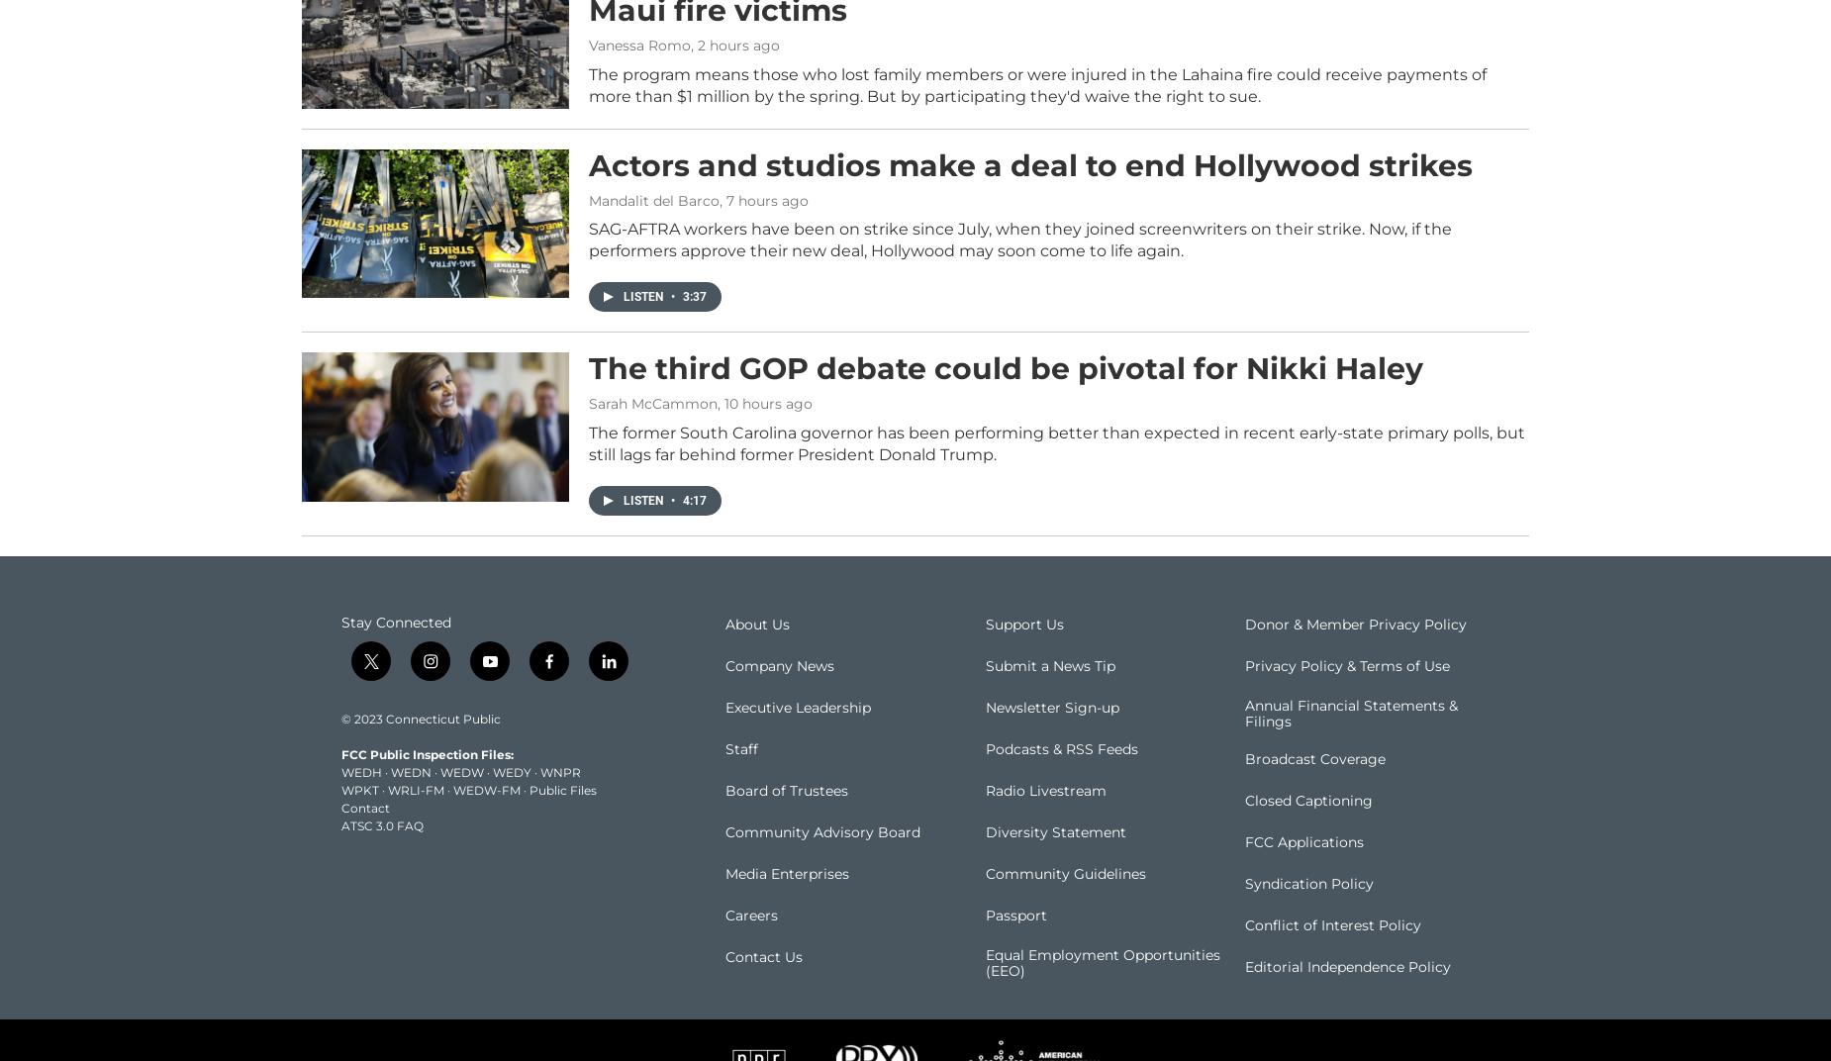 The width and height of the screenshot is (1831, 1061). Describe the element at coordinates (1014, 942) in the screenshot. I see `'Passport'` at that location.